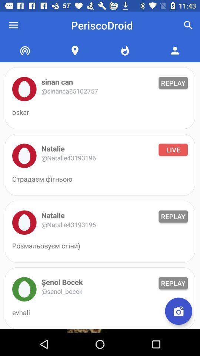 This screenshot has width=200, height=356. I want to click on profile picture icon, so click(24, 155).